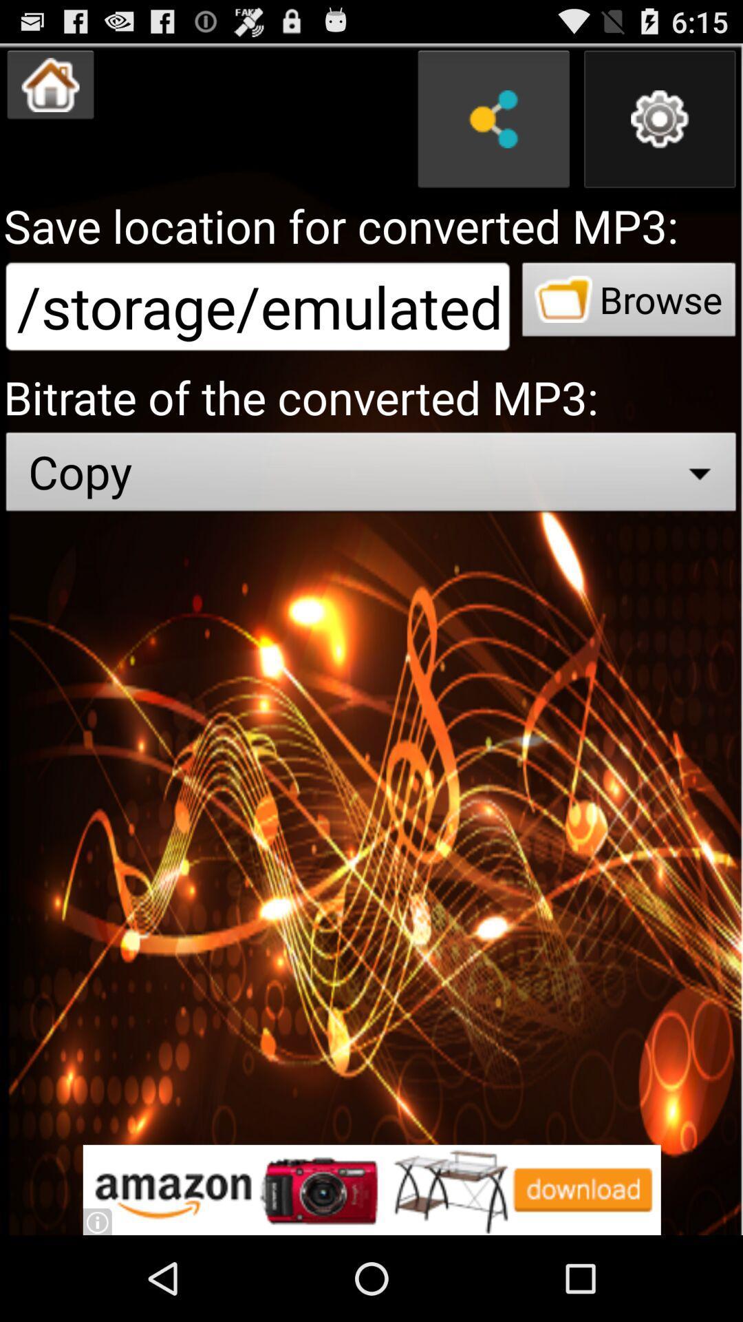 Image resolution: width=743 pixels, height=1322 pixels. What do you see at coordinates (659, 119) in the screenshot?
I see `settings` at bounding box center [659, 119].